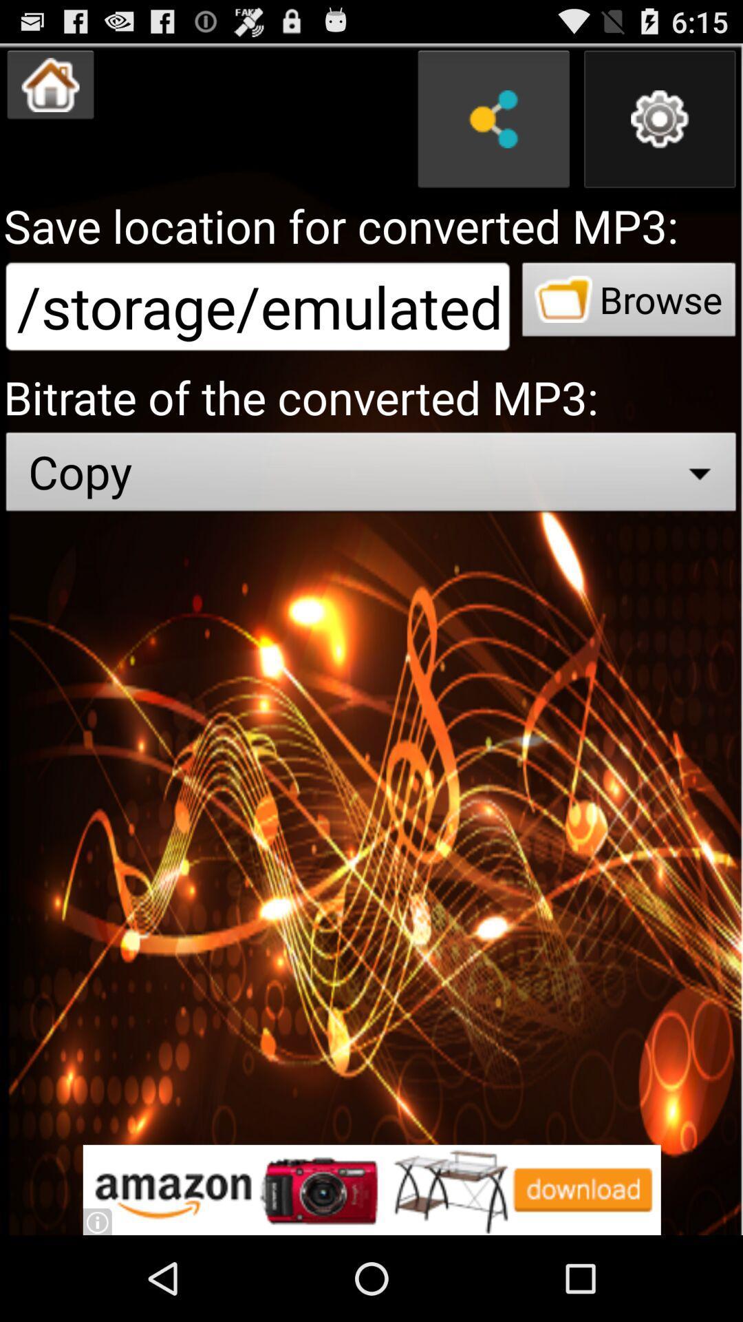 Image resolution: width=743 pixels, height=1322 pixels. What do you see at coordinates (659, 119) in the screenshot?
I see `settings` at bounding box center [659, 119].